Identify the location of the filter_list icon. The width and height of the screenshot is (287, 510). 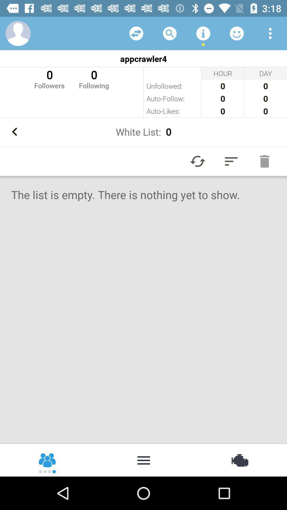
(231, 161).